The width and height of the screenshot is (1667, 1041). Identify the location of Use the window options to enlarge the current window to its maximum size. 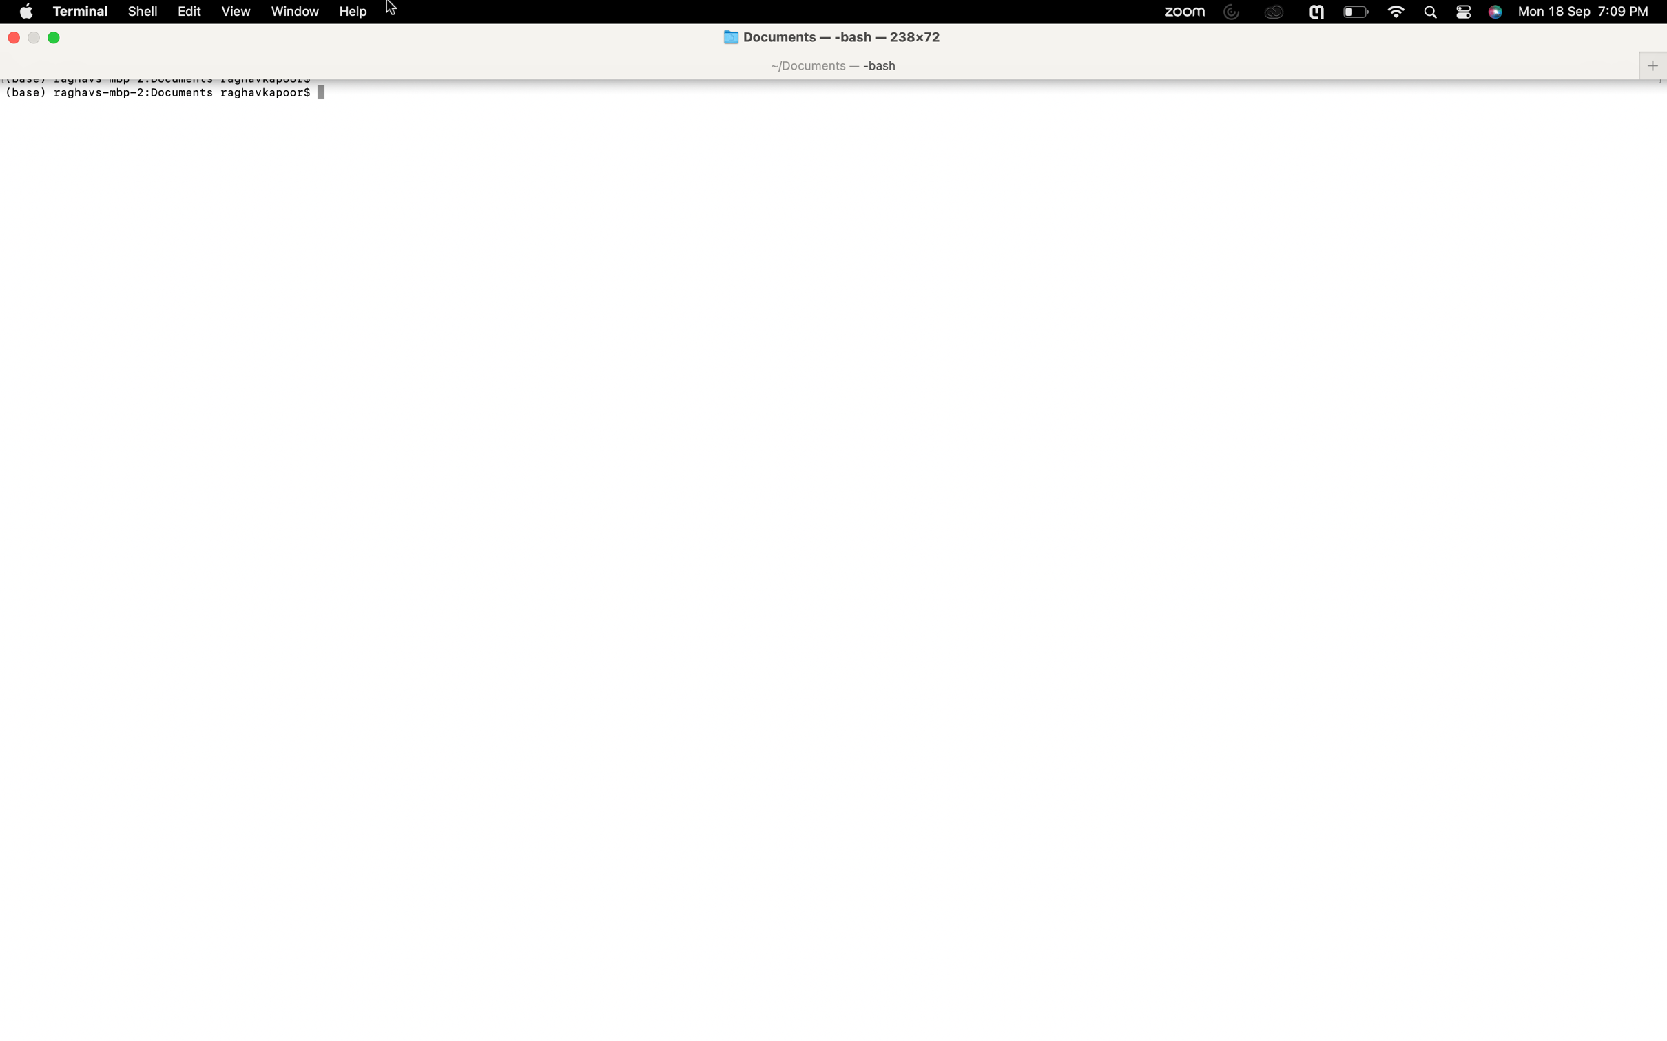
(293, 12).